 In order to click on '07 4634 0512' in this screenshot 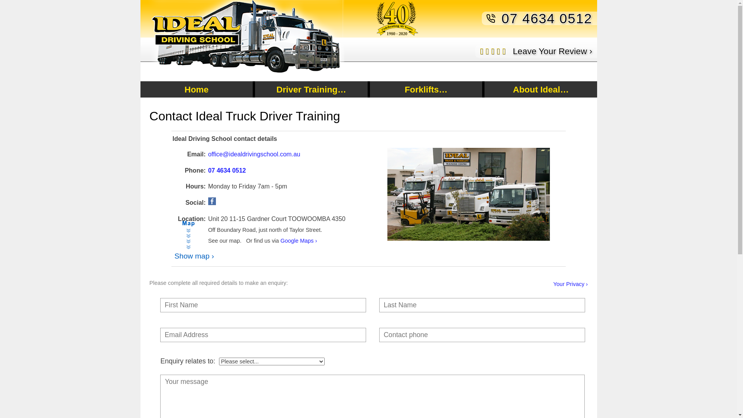, I will do `click(226, 170)`.